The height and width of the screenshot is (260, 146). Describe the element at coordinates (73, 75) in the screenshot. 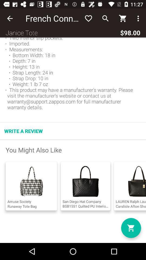

I see `the made of polyurethane item` at that location.